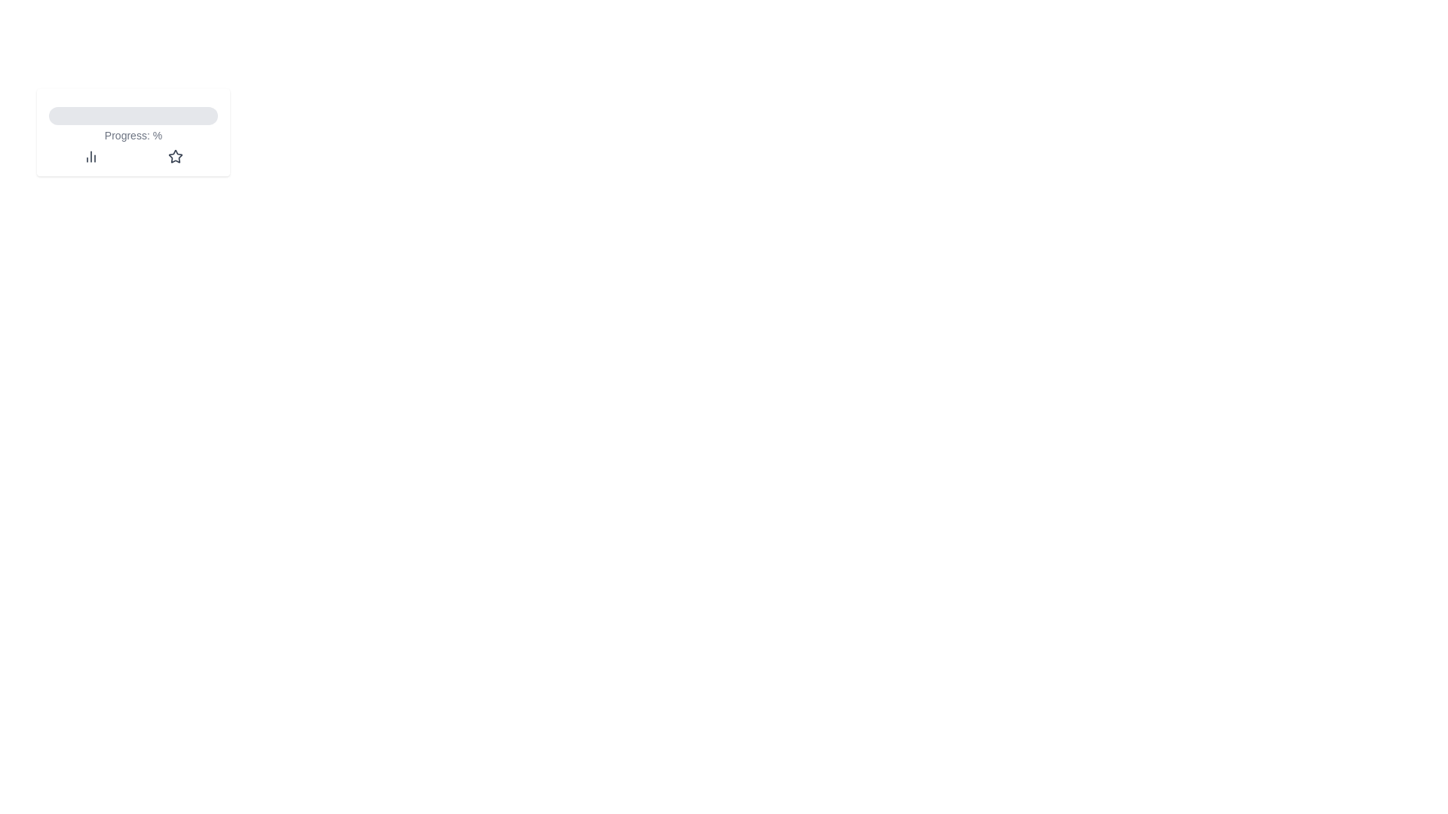  I want to click on the first graphic icon (SVG) representing a bar chart located beneath the label 'Progress: %', so click(90, 157).